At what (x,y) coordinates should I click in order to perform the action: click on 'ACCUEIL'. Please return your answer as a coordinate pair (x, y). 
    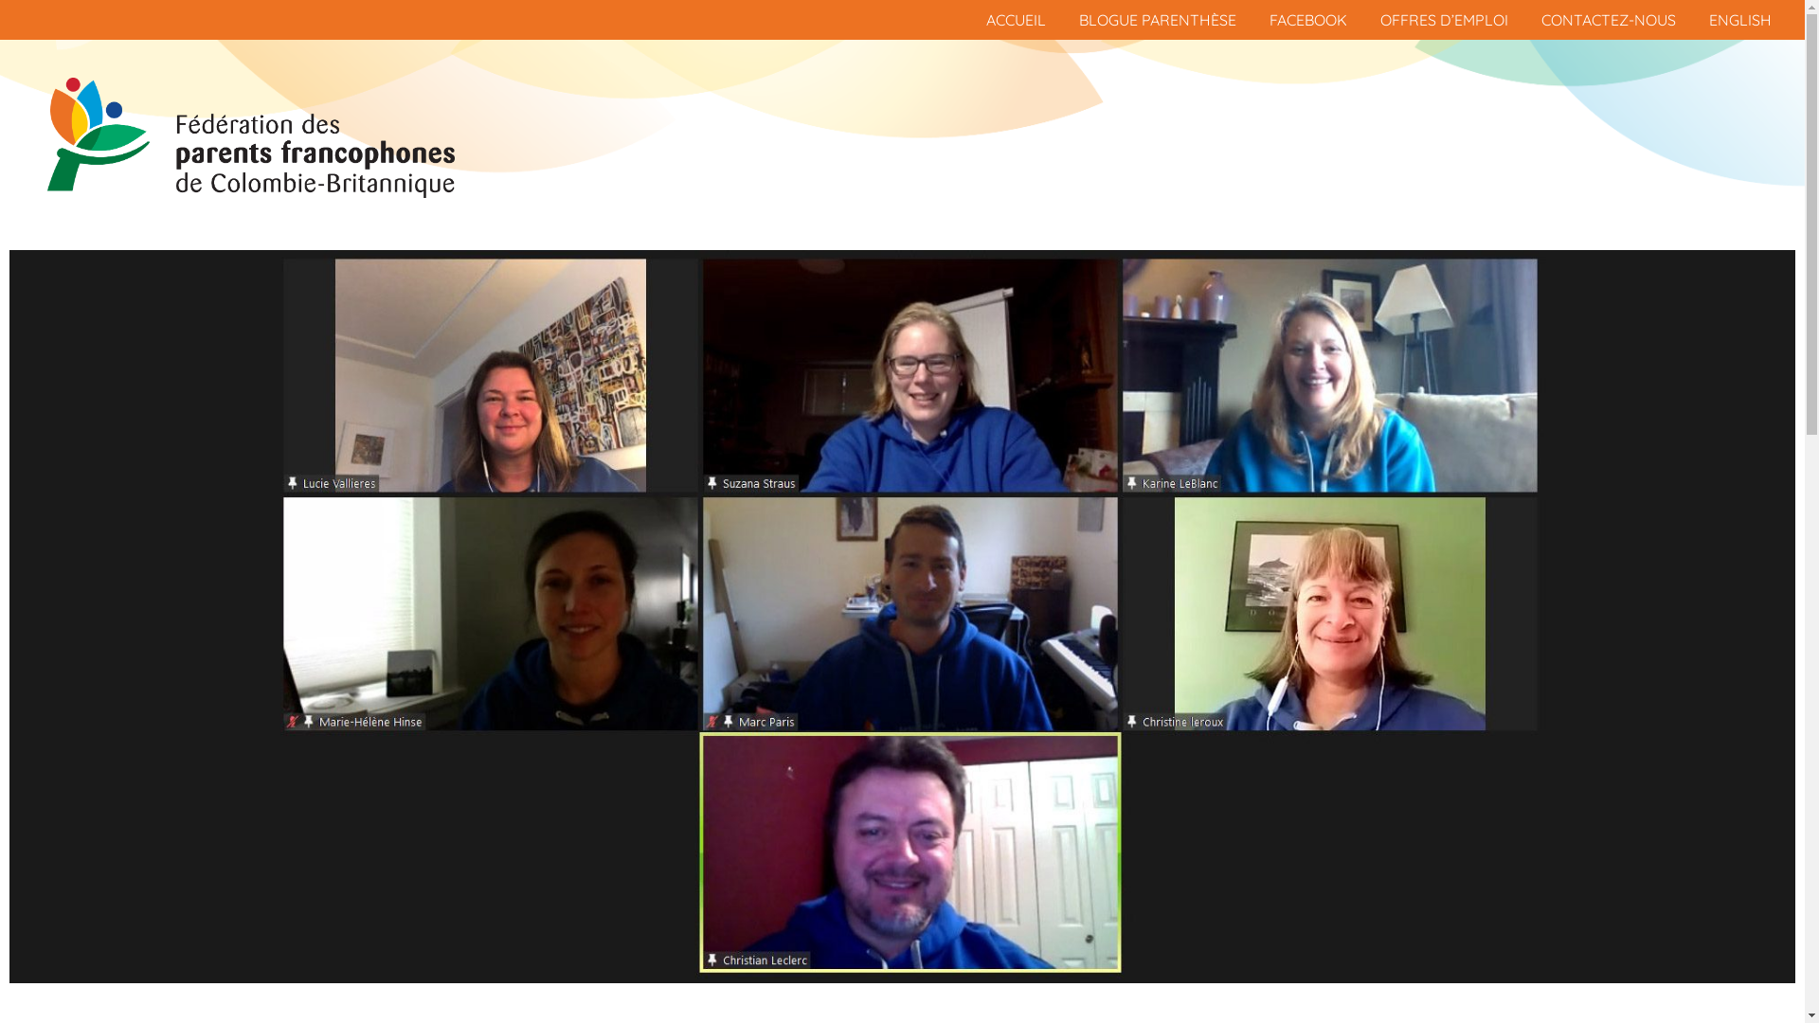
    Looking at the image, I should click on (1015, 19).